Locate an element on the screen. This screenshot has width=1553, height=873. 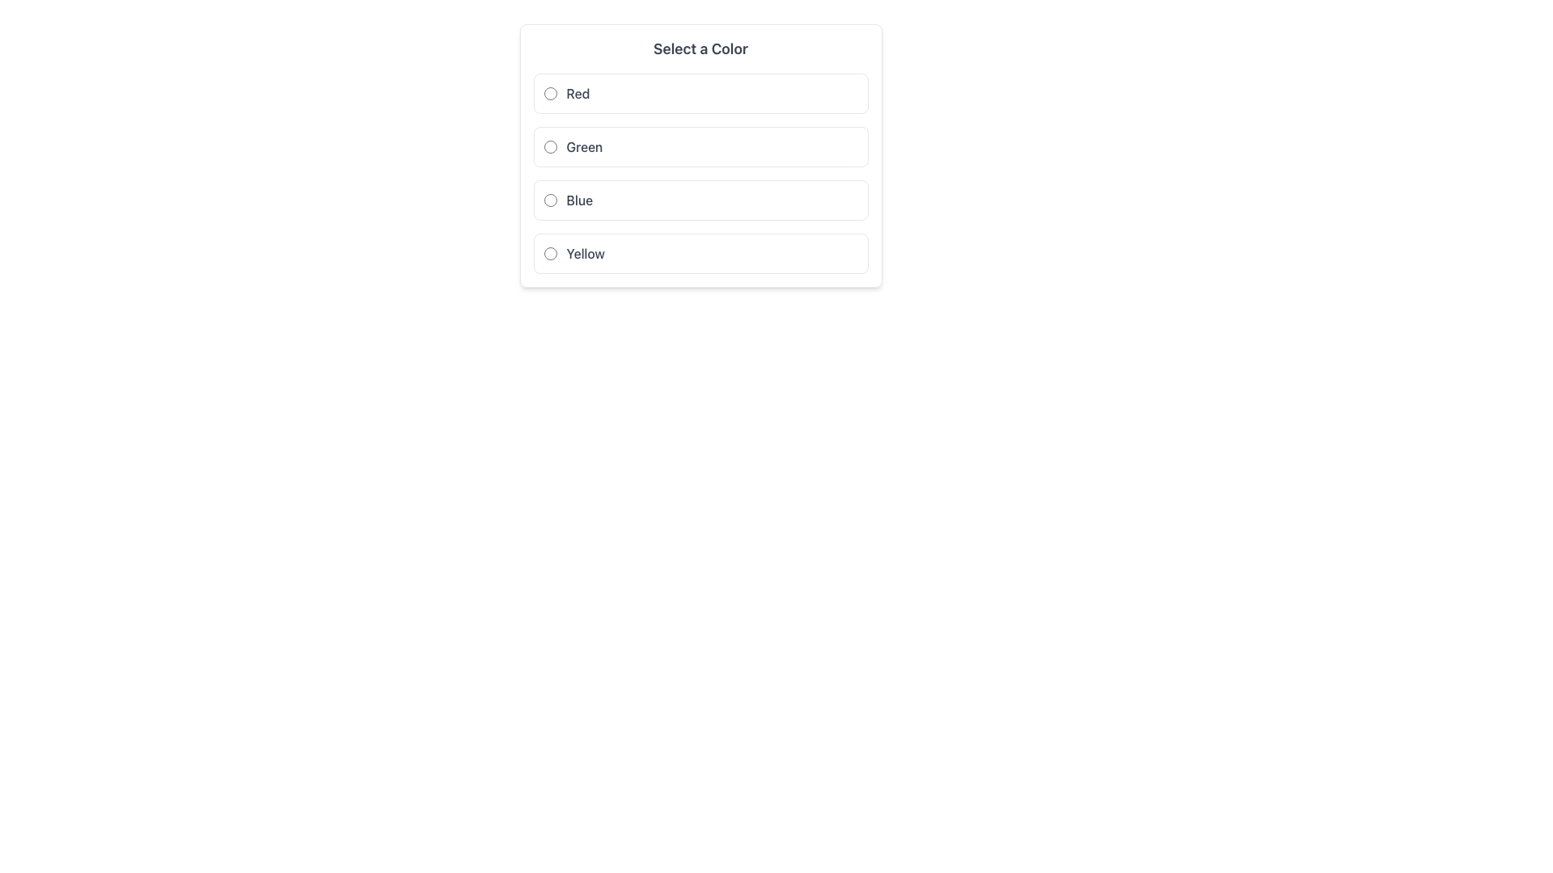
the blue circular radio button next to the 'Blue' label is located at coordinates (550, 199).